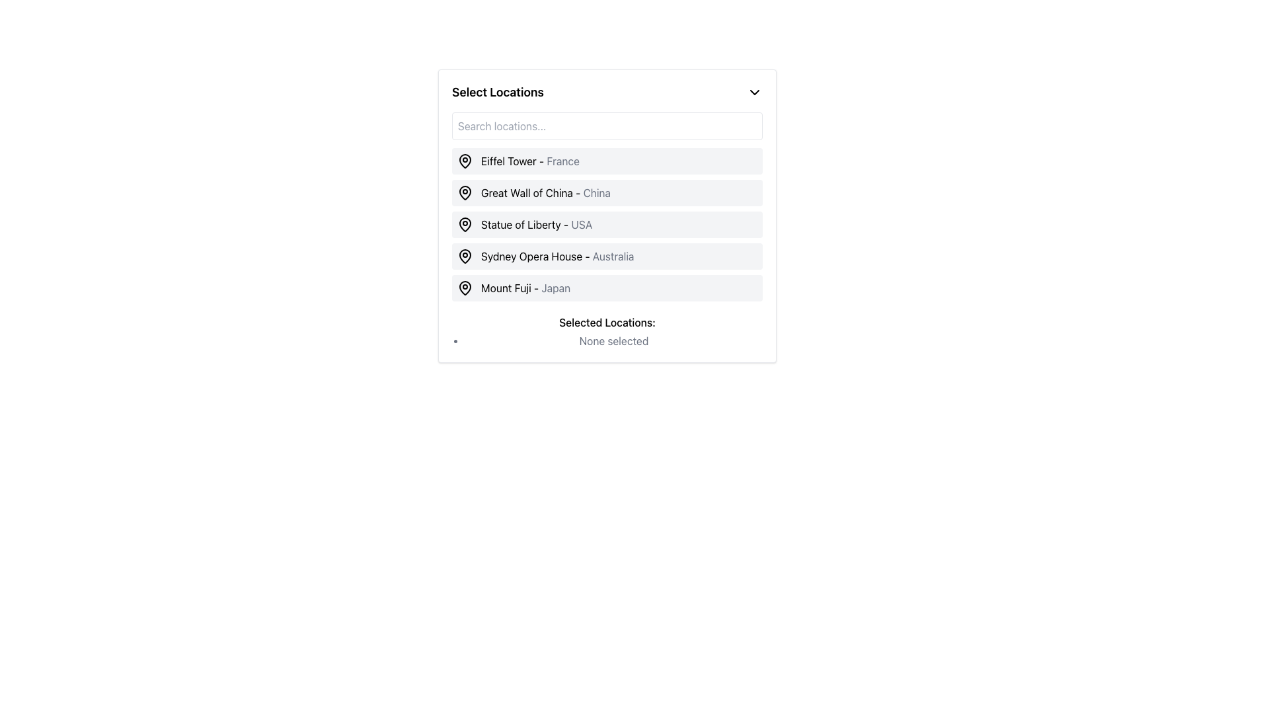 This screenshot has height=714, width=1269. Describe the element at coordinates (606, 160) in the screenshot. I see `the first selectable list item in the dropdown labeled 'Eiffel Tower - France'` at that location.